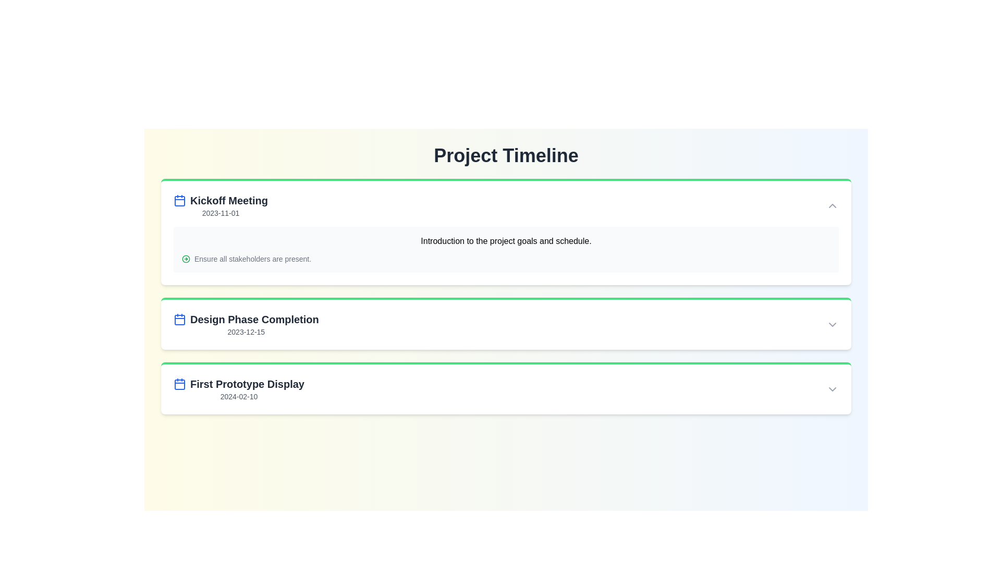 The height and width of the screenshot is (563, 1001). Describe the element at coordinates (180, 384) in the screenshot. I see `the bold blue calendar icon with rounded edges located to the left of the title 'First Prototype Display' in the third section of the project timeline` at that location.